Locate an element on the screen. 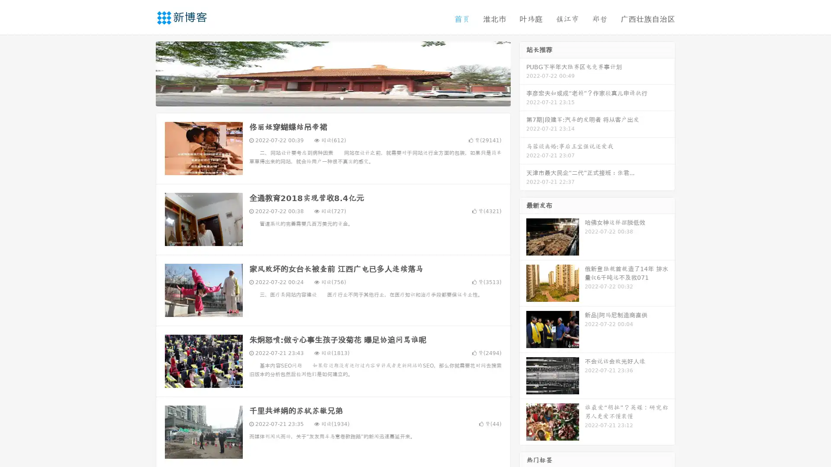  Next slide is located at coordinates (523, 73).